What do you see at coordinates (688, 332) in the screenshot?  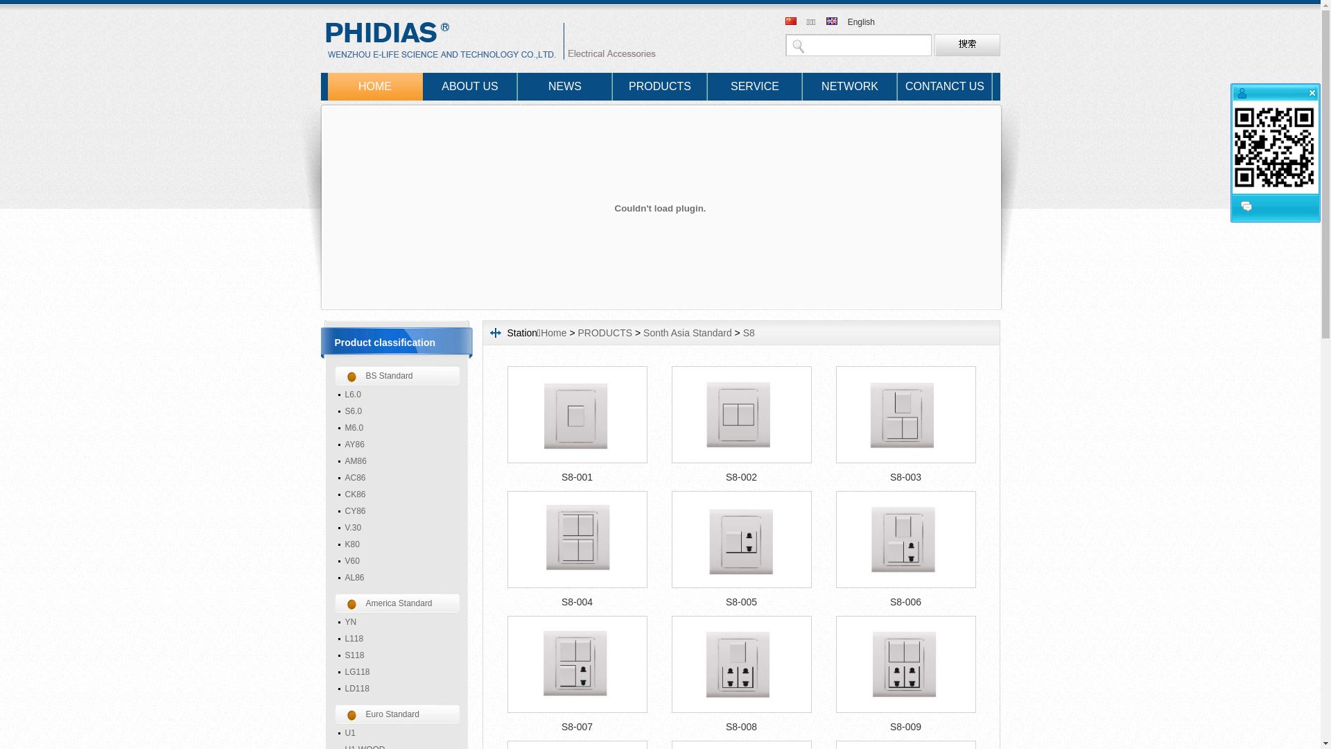 I see `'Sonth Asia Standard'` at bounding box center [688, 332].